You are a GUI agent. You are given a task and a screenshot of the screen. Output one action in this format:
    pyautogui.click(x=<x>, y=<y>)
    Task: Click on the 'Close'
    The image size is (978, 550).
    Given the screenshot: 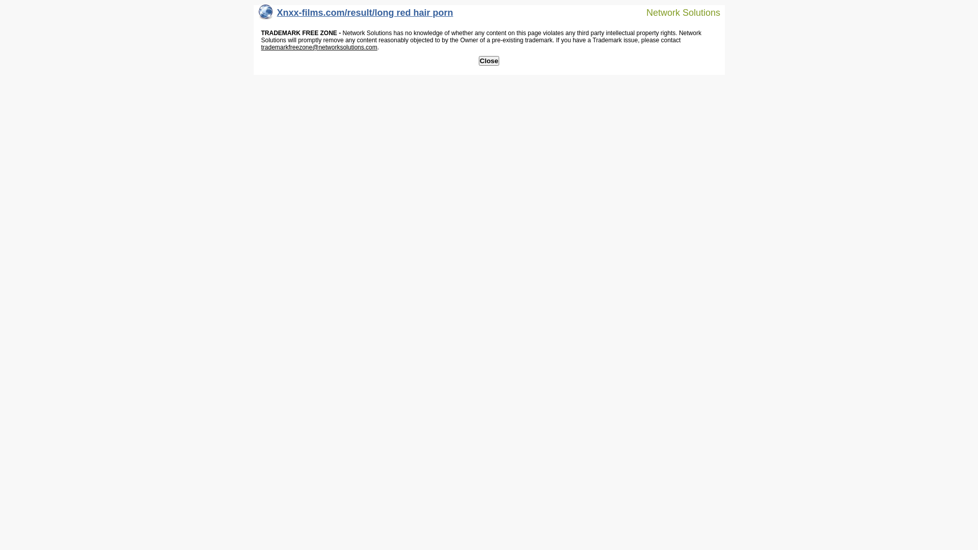 What is the action you would take?
    pyautogui.click(x=489, y=61)
    